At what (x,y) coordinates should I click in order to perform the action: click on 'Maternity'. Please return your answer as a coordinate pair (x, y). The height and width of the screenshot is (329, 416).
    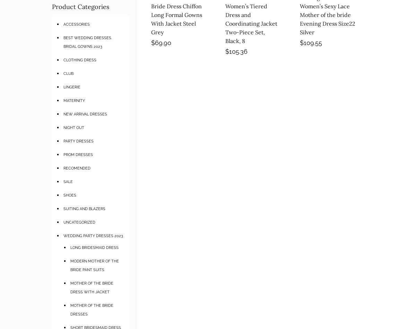
    Looking at the image, I should click on (73, 99).